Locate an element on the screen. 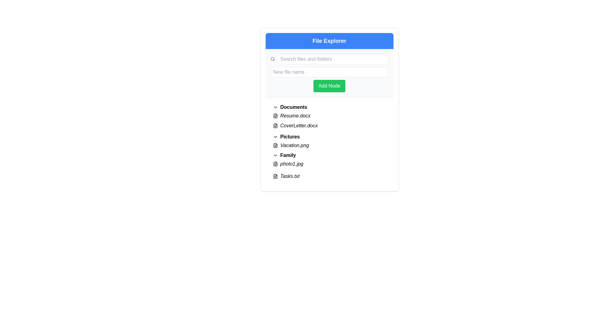 The height and width of the screenshot is (333, 593). the 'Documents' text label, which serves as a header indicating a folder or category in a file explorer, located immediately below the blue 'File Explorer' header is located at coordinates (293, 107).